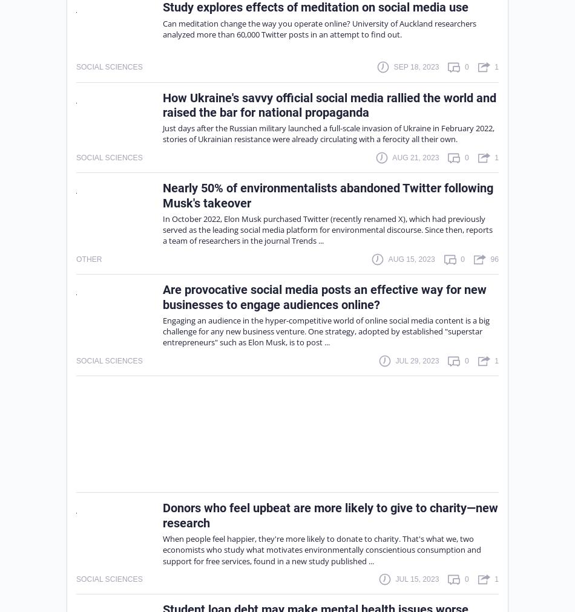 The image size is (575, 612). What do you see at coordinates (416, 66) in the screenshot?
I see `'Sep 18, 2023'` at bounding box center [416, 66].